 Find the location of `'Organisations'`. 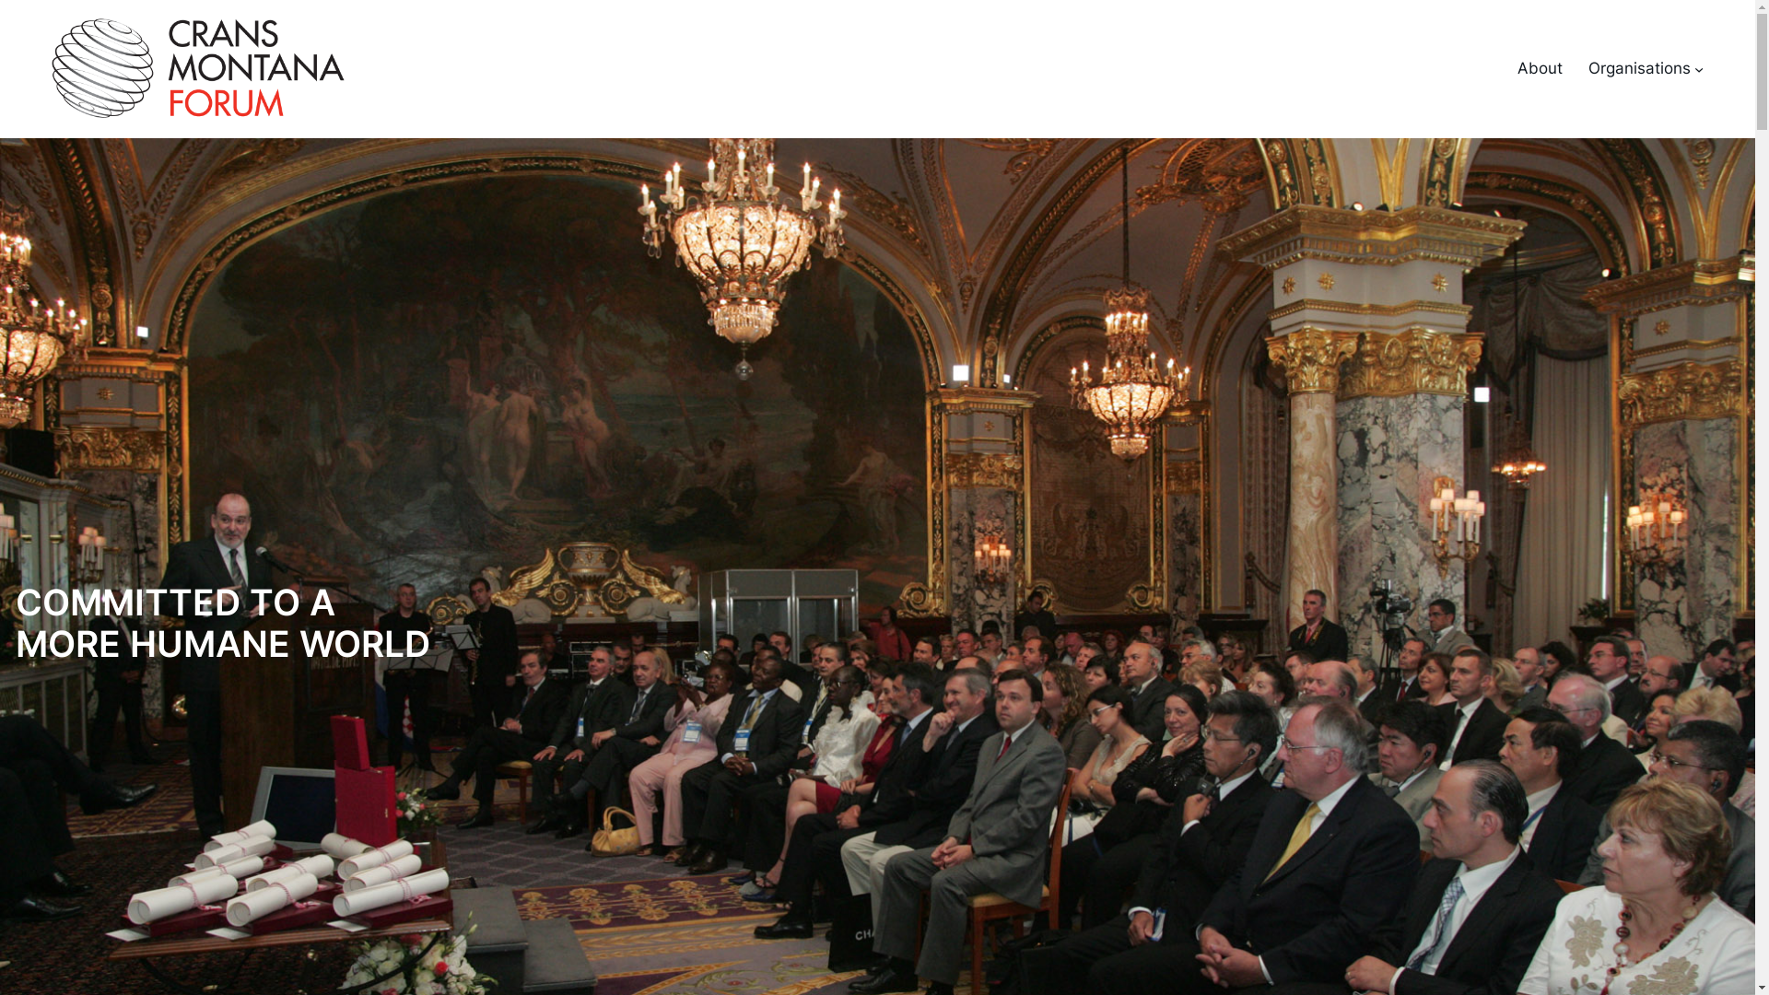

'Organisations' is located at coordinates (1639, 67).